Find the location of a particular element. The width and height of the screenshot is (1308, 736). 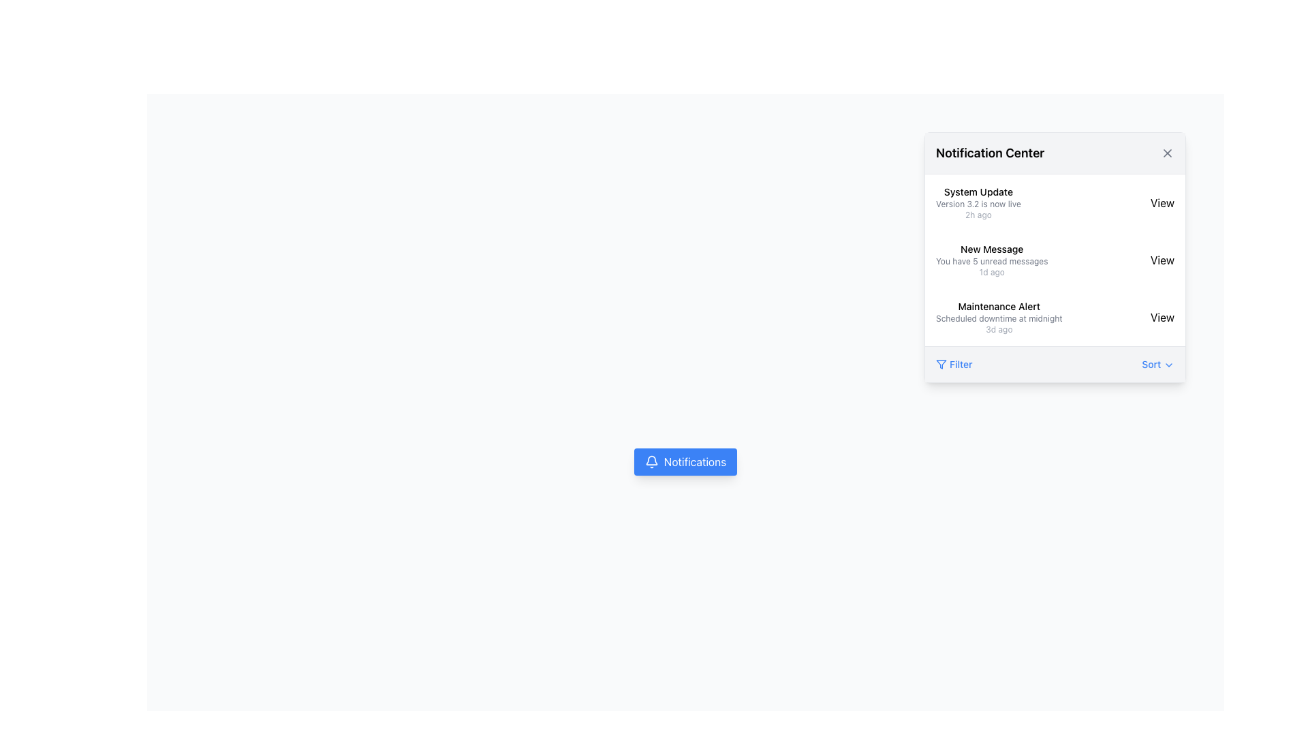

the second notification entry element in the notification list is located at coordinates (1055, 260).